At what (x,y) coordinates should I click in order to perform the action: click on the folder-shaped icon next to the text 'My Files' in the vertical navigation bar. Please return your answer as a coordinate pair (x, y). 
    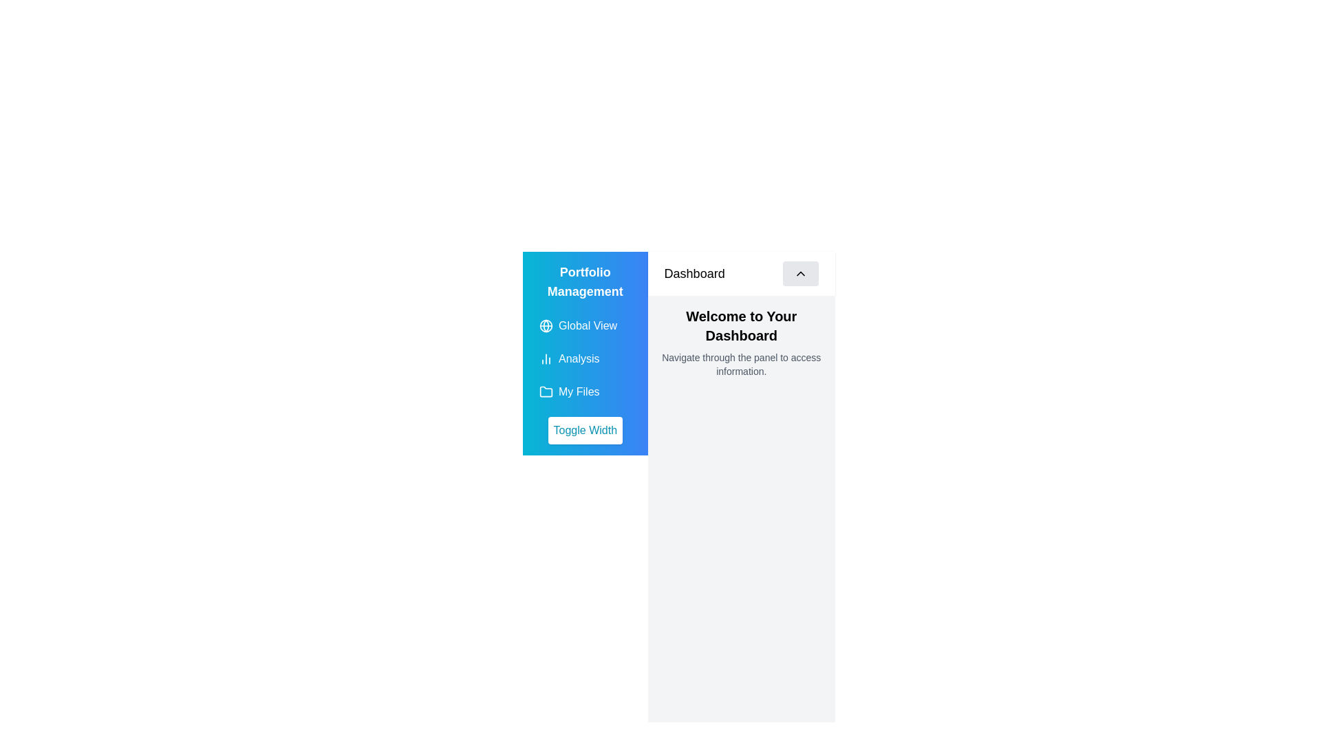
    Looking at the image, I should click on (545, 391).